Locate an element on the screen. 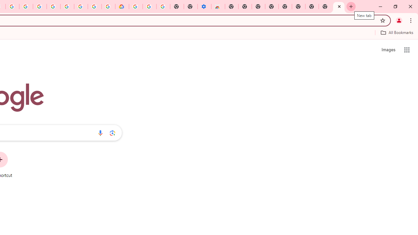 This screenshot has width=418, height=235. 'Settings - Accessibility' is located at coordinates (204, 7).